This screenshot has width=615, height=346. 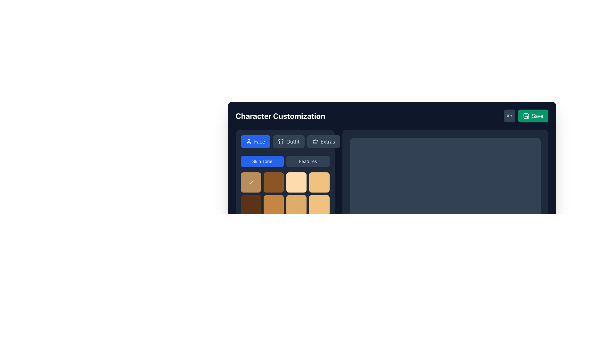 I want to click on the selectable grid item located in the 1st row and 3rd column of the grid layout, so click(x=274, y=182).